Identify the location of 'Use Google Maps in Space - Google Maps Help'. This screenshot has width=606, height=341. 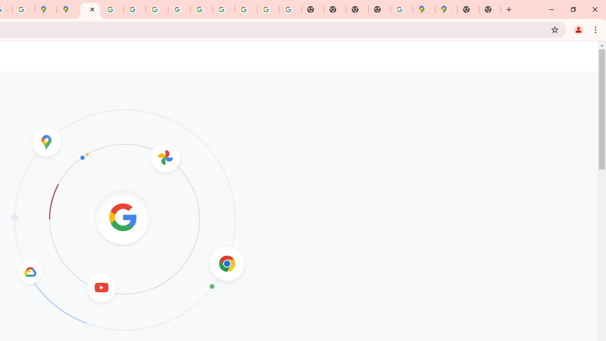
(401, 9).